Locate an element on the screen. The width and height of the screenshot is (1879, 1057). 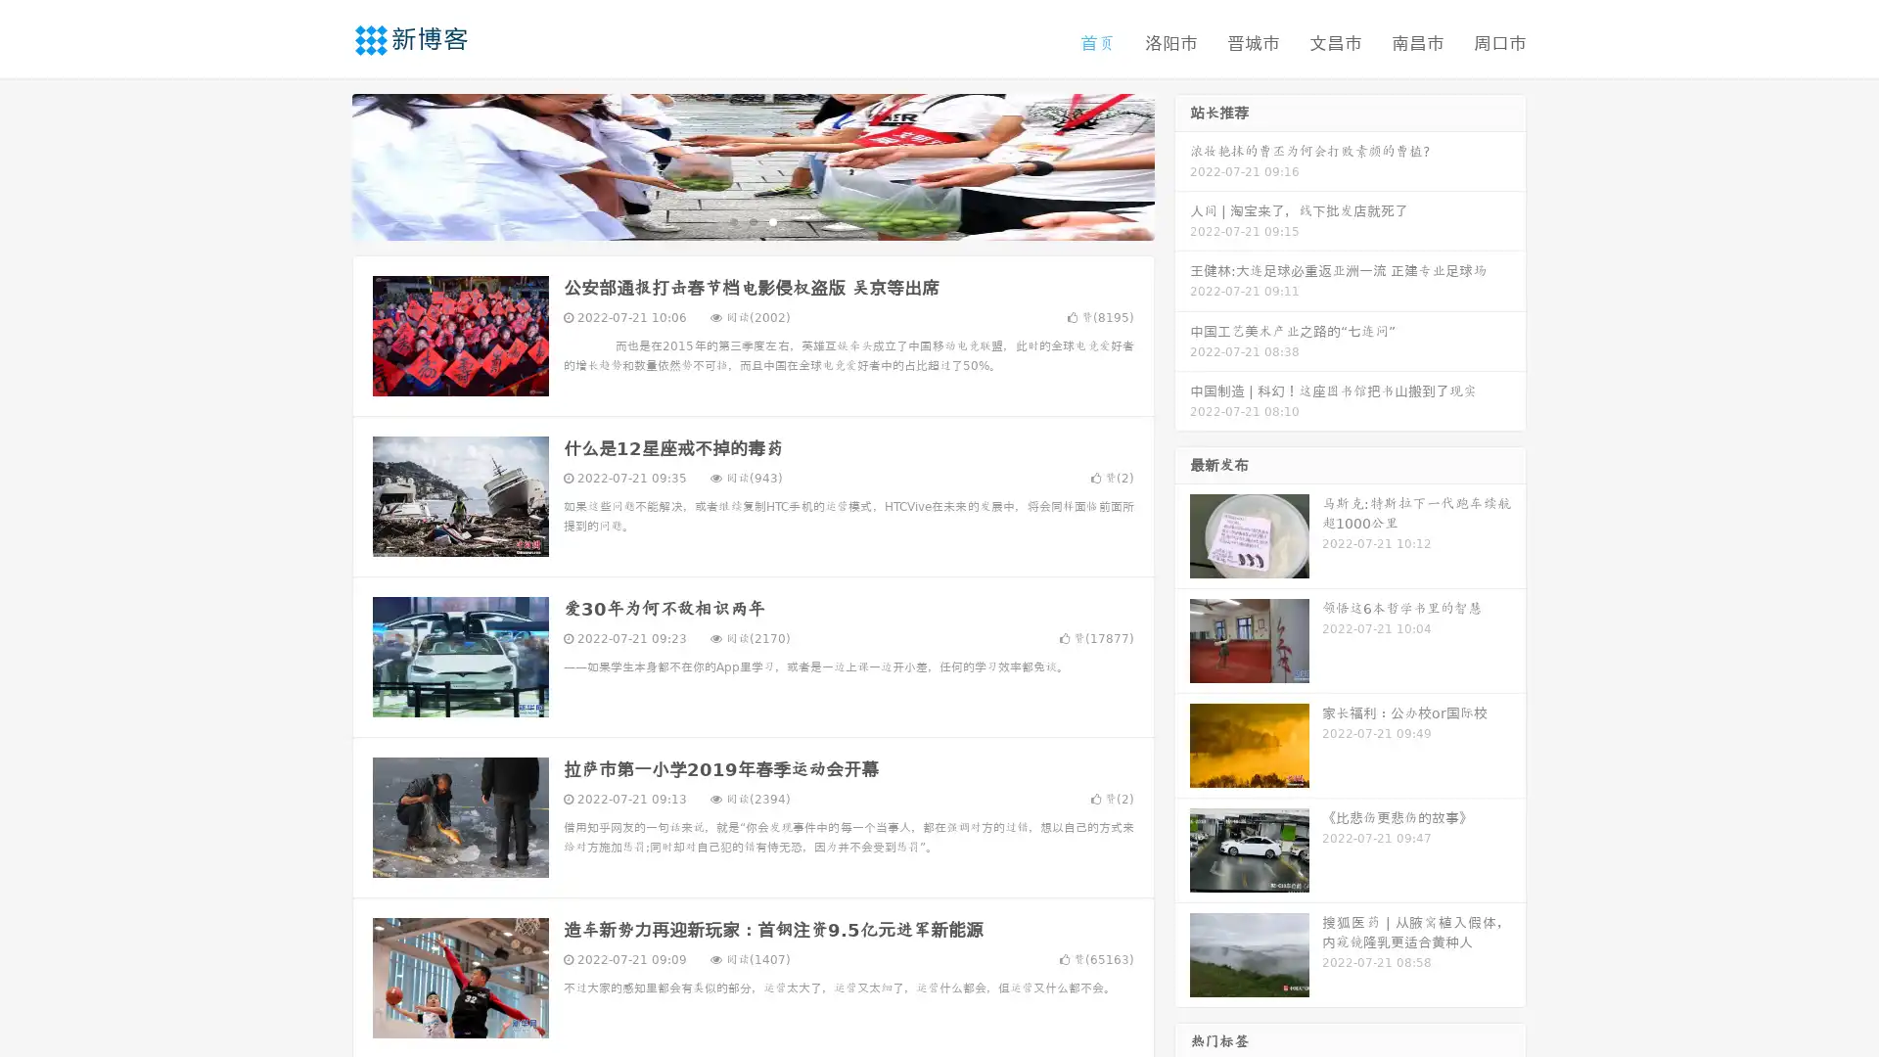
Next slide is located at coordinates (1182, 164).